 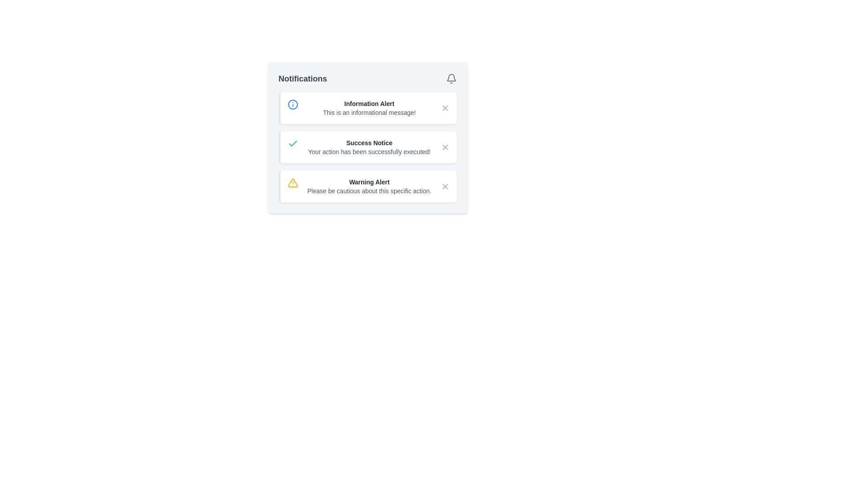 What do you see at coordinates (293, 183) in the screenshot?
I see `yellow triangle warning icon with a black outline, located at the bottom notification module next to the 'Warning Alert' text` at bounding box center [293, 183].